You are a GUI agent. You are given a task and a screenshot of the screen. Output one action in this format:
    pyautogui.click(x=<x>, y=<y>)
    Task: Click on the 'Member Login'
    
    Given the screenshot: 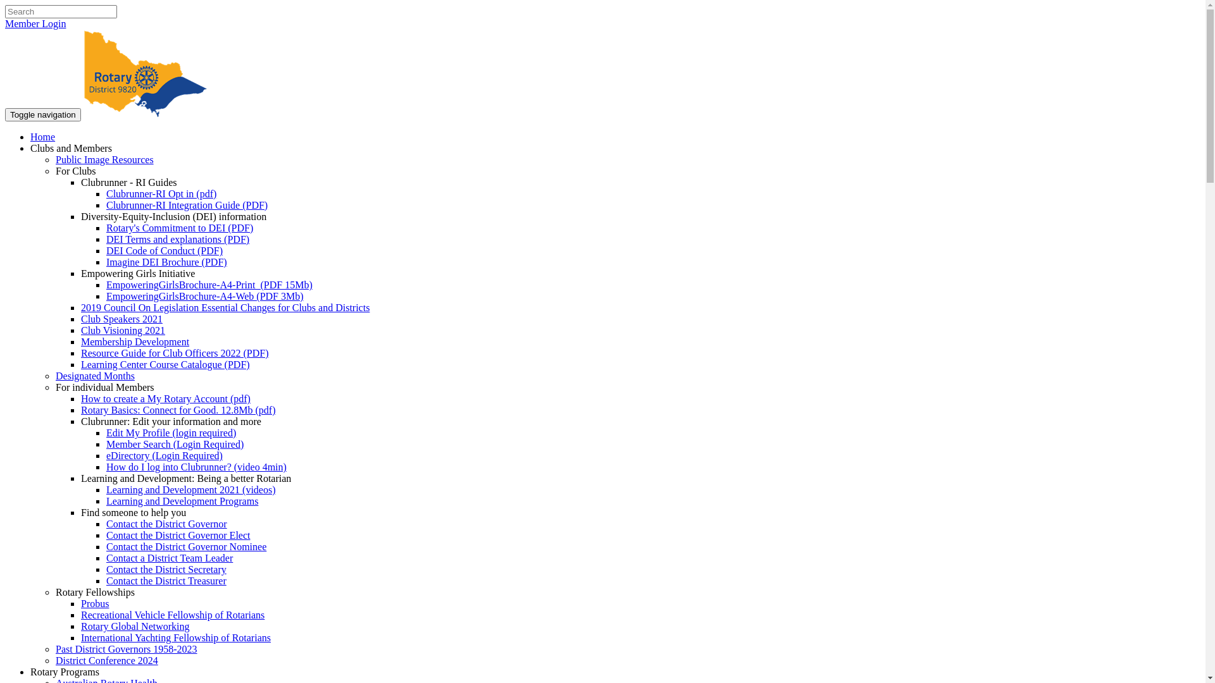 What is the action you would take?
    pyautogui.click(x=35, y=23)
    